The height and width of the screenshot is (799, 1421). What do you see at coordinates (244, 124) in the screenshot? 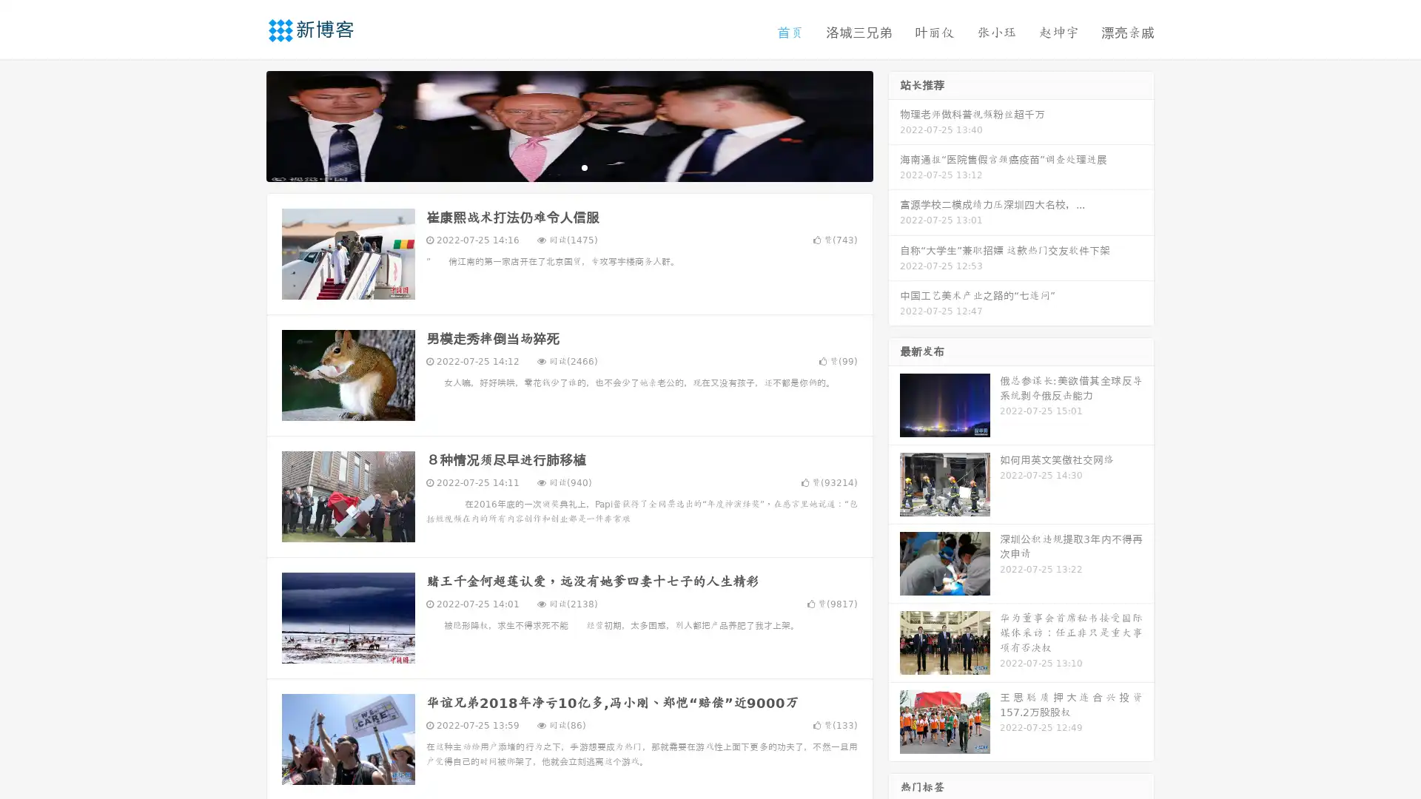
I see `Previous slide` at bounding box center [244, 124].